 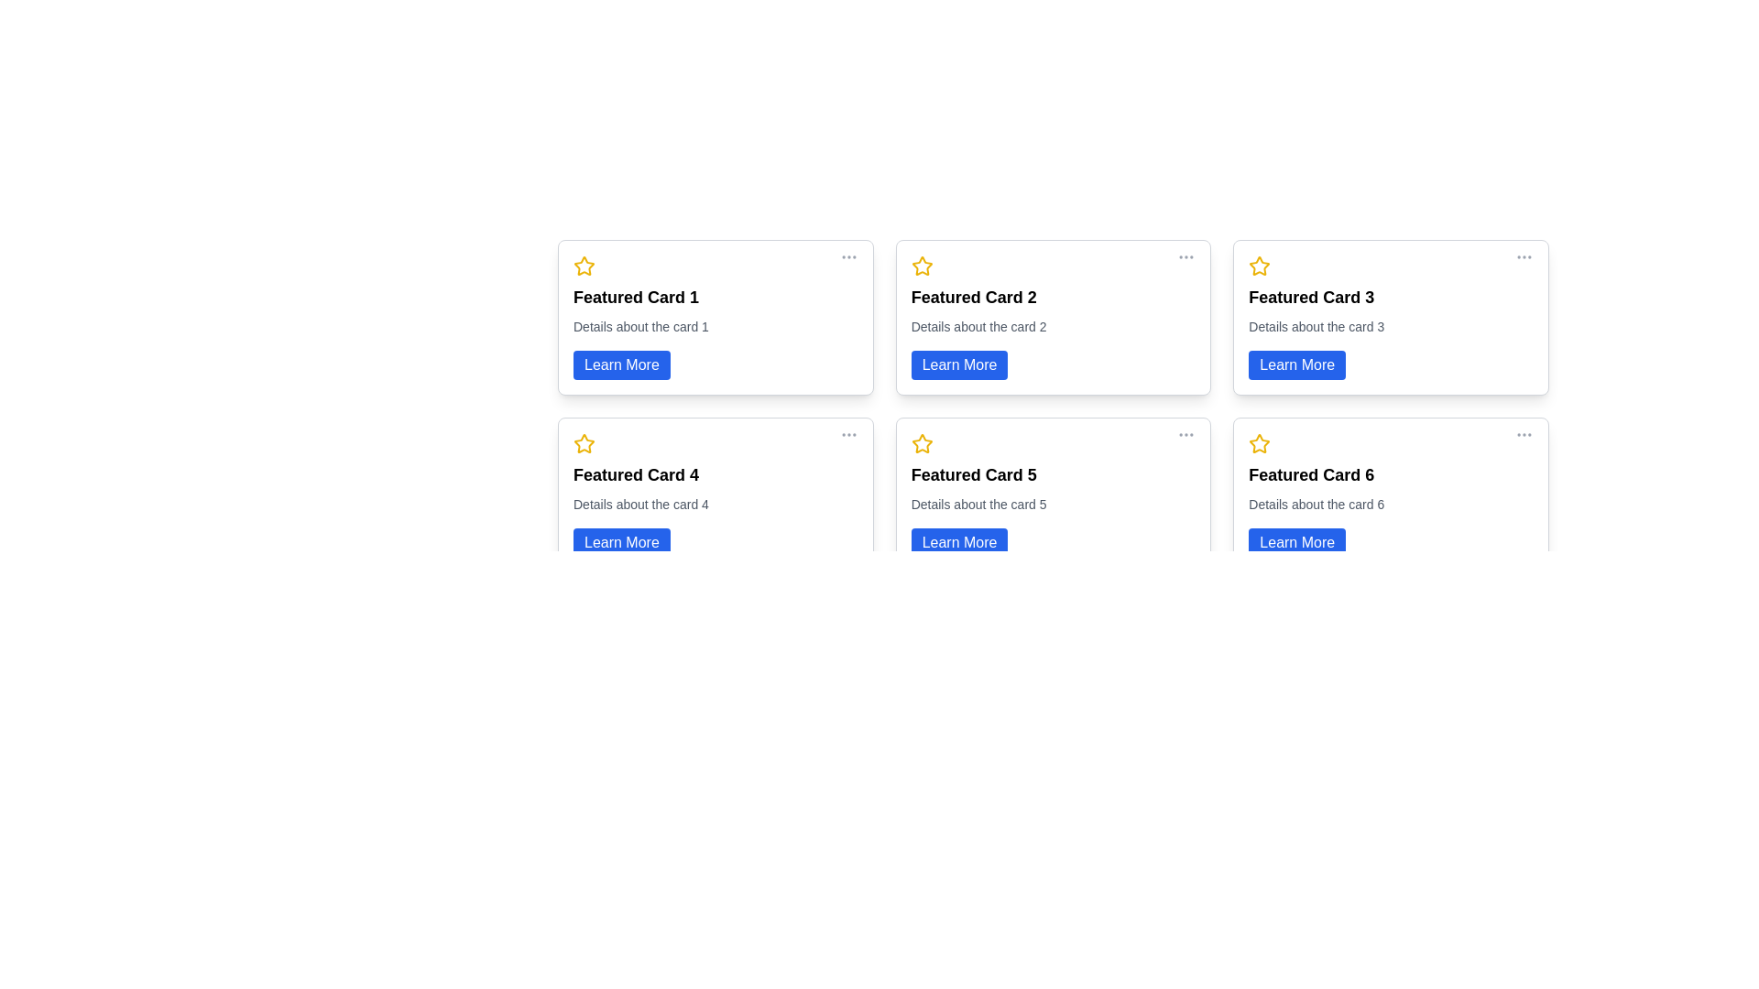 I want to click on the 'Learn More' button with a blue background and white text located at the bottom-left corner of 'Featured Card 4' to visualize the hover effect, so click(x=621, y=542).